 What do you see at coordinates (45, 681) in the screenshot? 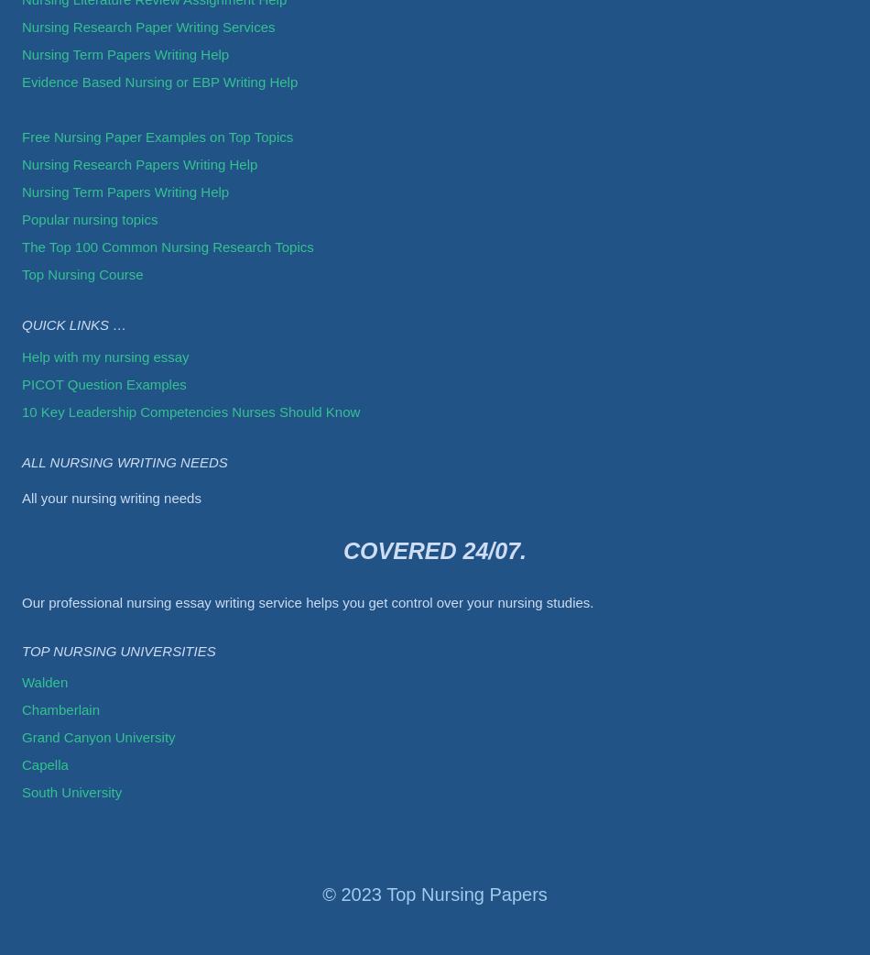
I see `'Walden'` at bounding box center [45, 681].